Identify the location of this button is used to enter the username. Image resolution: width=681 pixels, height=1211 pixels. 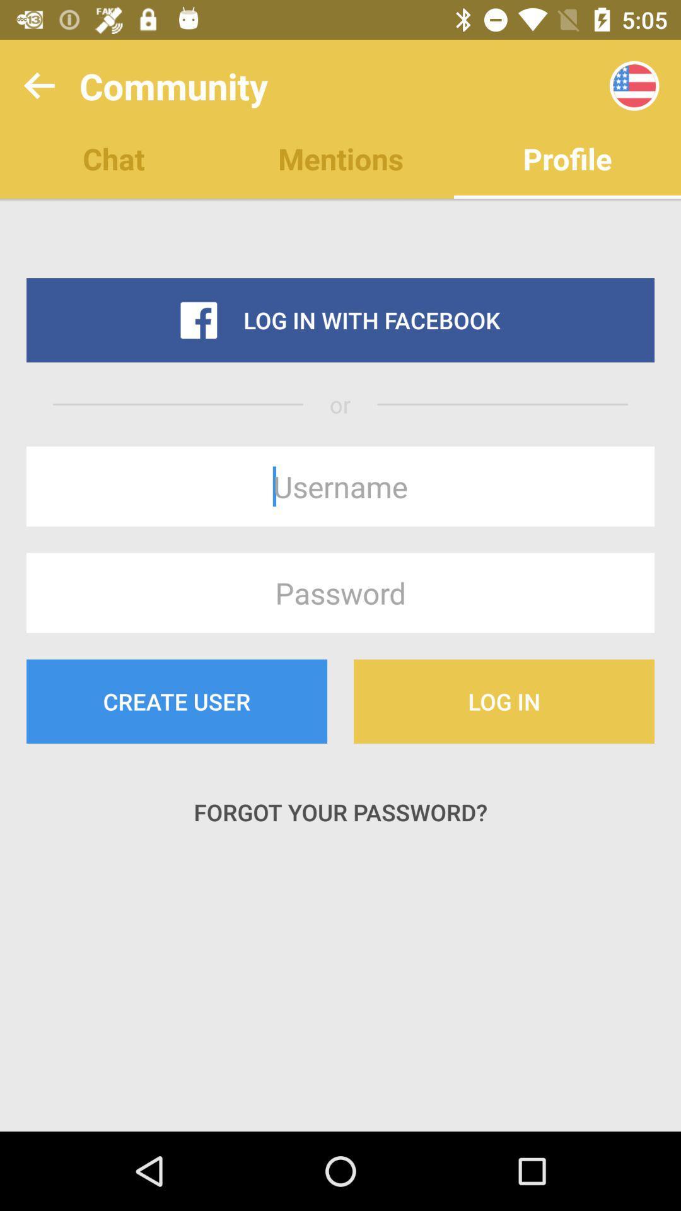
(340, 486).